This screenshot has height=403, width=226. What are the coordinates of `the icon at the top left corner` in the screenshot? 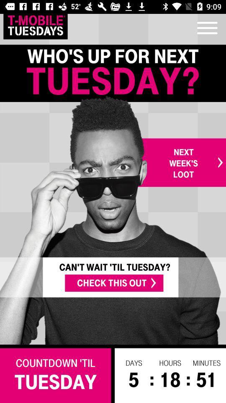 It's located at (35, 25).